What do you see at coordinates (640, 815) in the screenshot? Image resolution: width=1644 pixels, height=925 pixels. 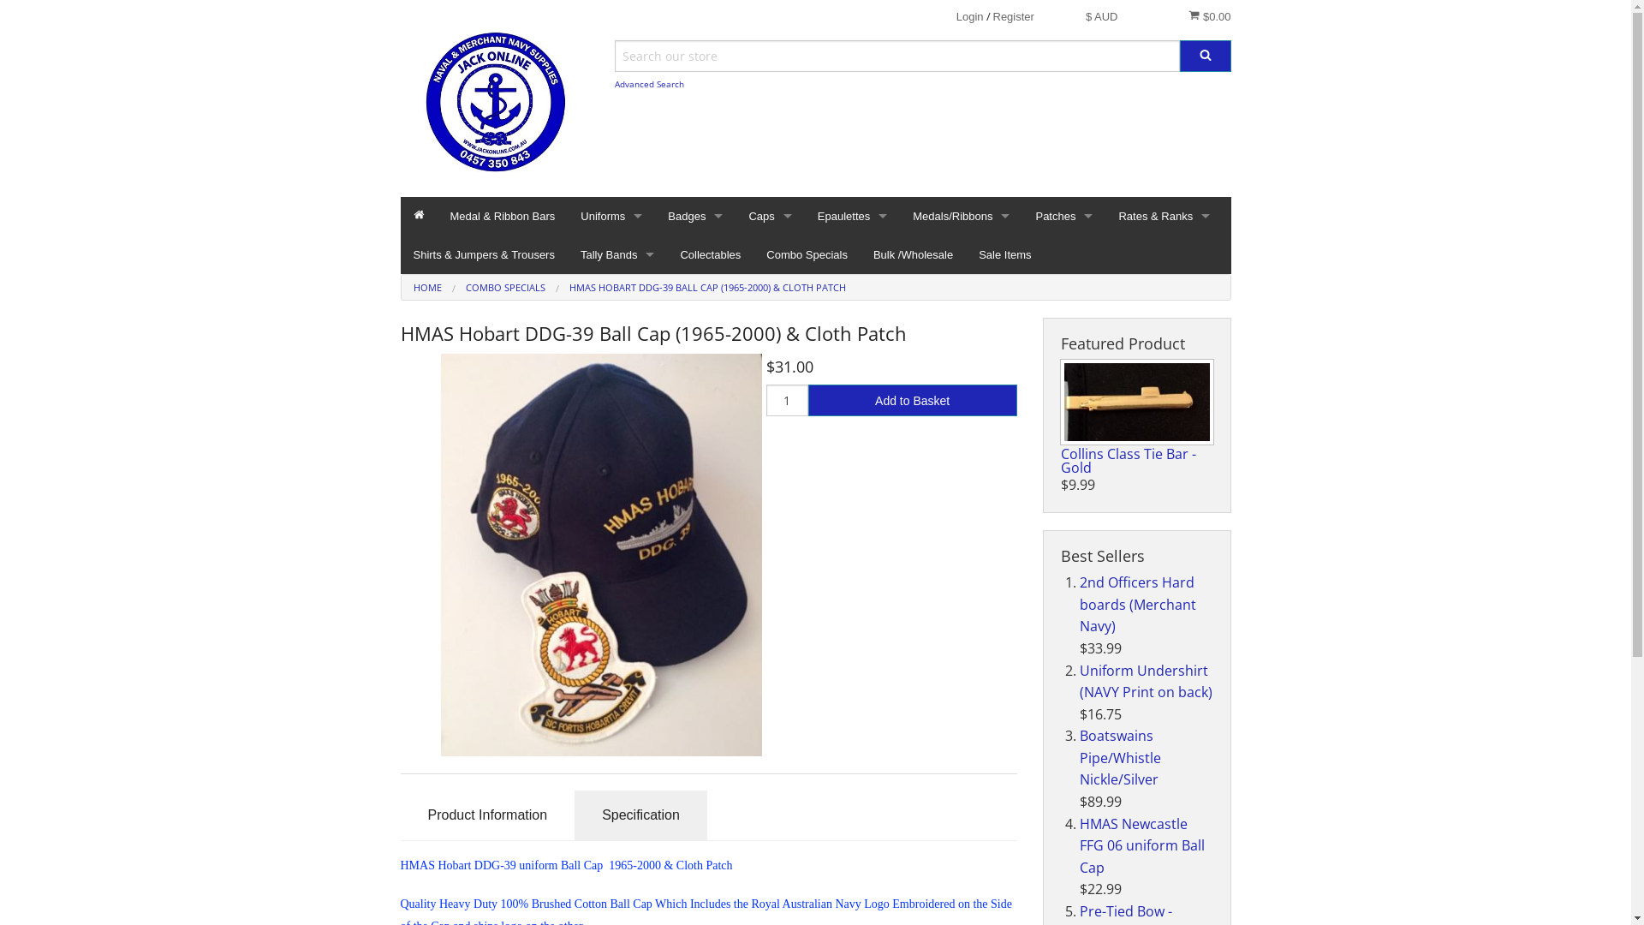 I see `'Specification'` at bounding box center [640, 815].